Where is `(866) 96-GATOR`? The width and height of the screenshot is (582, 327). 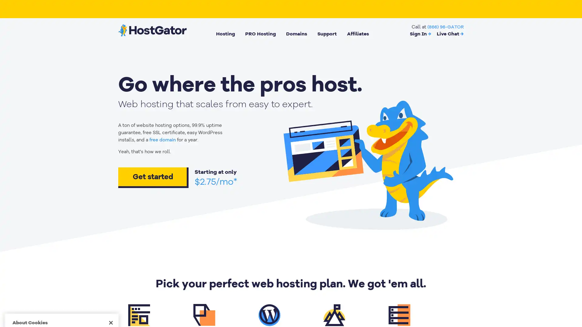
(866) 96-GATOR is located at coordinates (445, 26).